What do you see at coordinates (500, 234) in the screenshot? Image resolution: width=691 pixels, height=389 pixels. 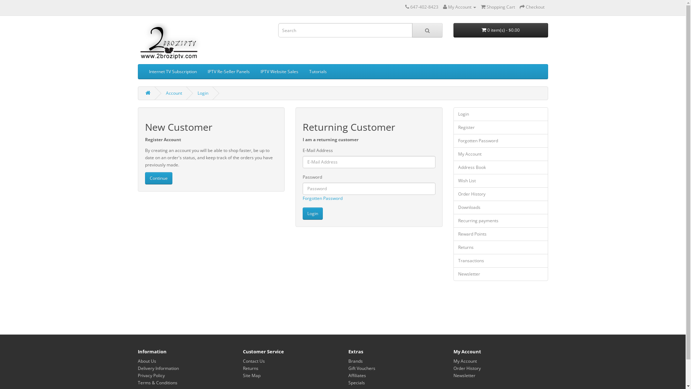 I see `'Reward Points'` at bounding box center [500, 234].